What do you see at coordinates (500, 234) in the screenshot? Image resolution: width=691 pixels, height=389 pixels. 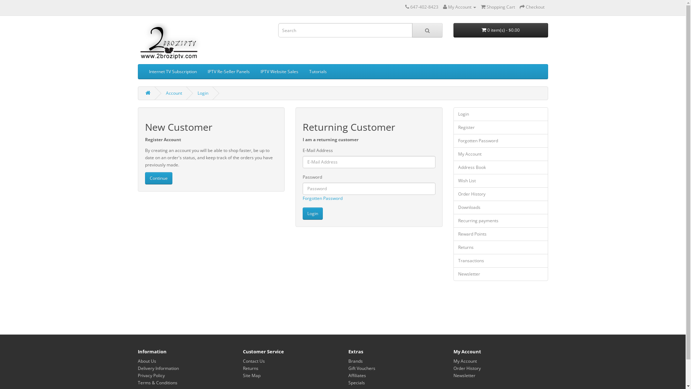 I see `'Reward Points'` at bounding box center [500, 234].